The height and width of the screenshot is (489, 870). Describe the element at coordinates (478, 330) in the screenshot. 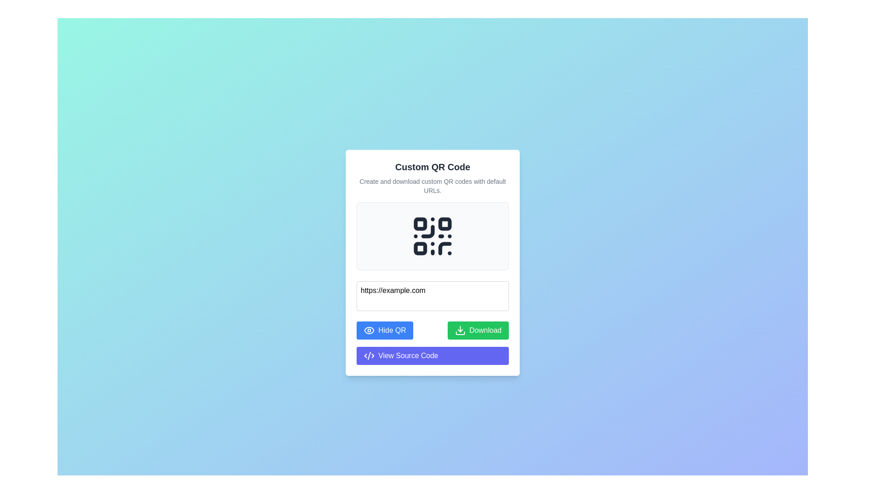

I see `the download button located on the right side of the button group, adjacent to the 'Hide QR' button, to initiate the download process` at that location.